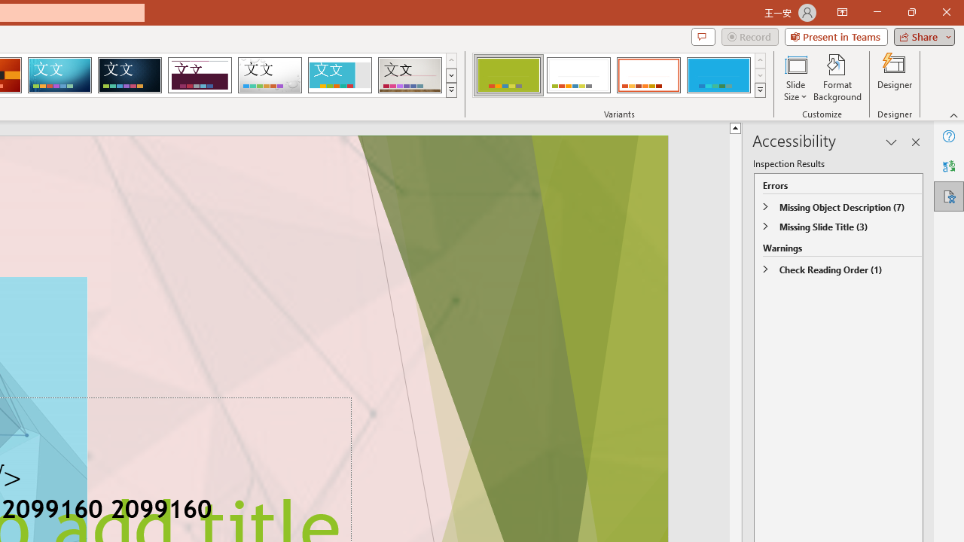 The height and width of the screenshot is (542, 964). Describe the element at coordinates (578, 75) in the screenshot. I see `'Basis Variant 2'` at that location.